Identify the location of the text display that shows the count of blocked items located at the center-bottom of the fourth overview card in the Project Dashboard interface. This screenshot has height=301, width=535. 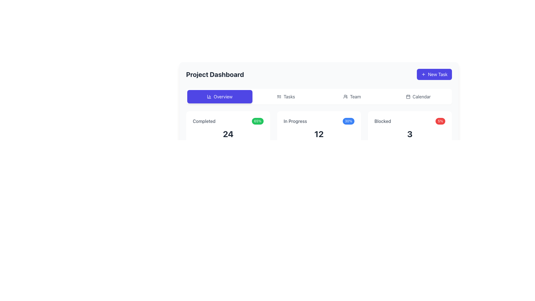
(410, 134).